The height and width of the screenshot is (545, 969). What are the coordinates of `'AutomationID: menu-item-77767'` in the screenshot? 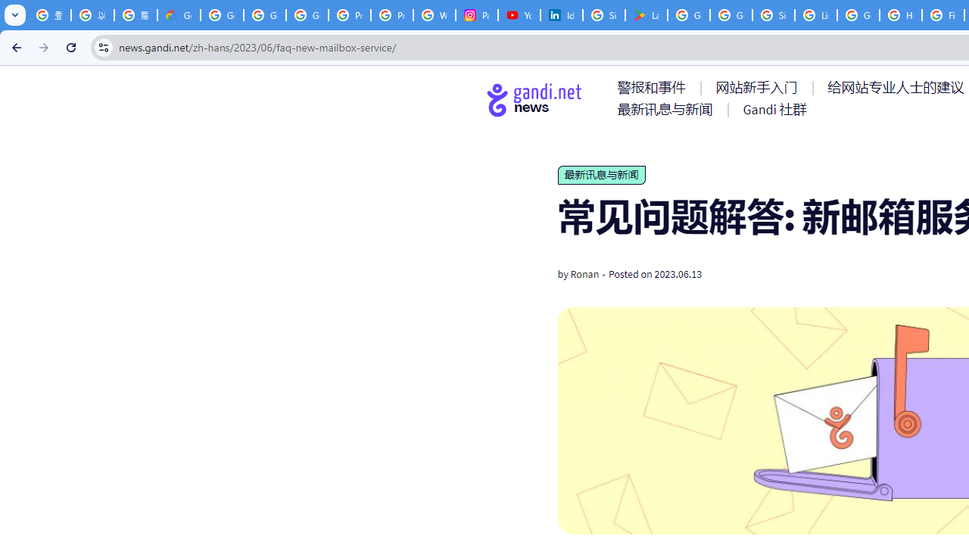 It's located at (774, 108).